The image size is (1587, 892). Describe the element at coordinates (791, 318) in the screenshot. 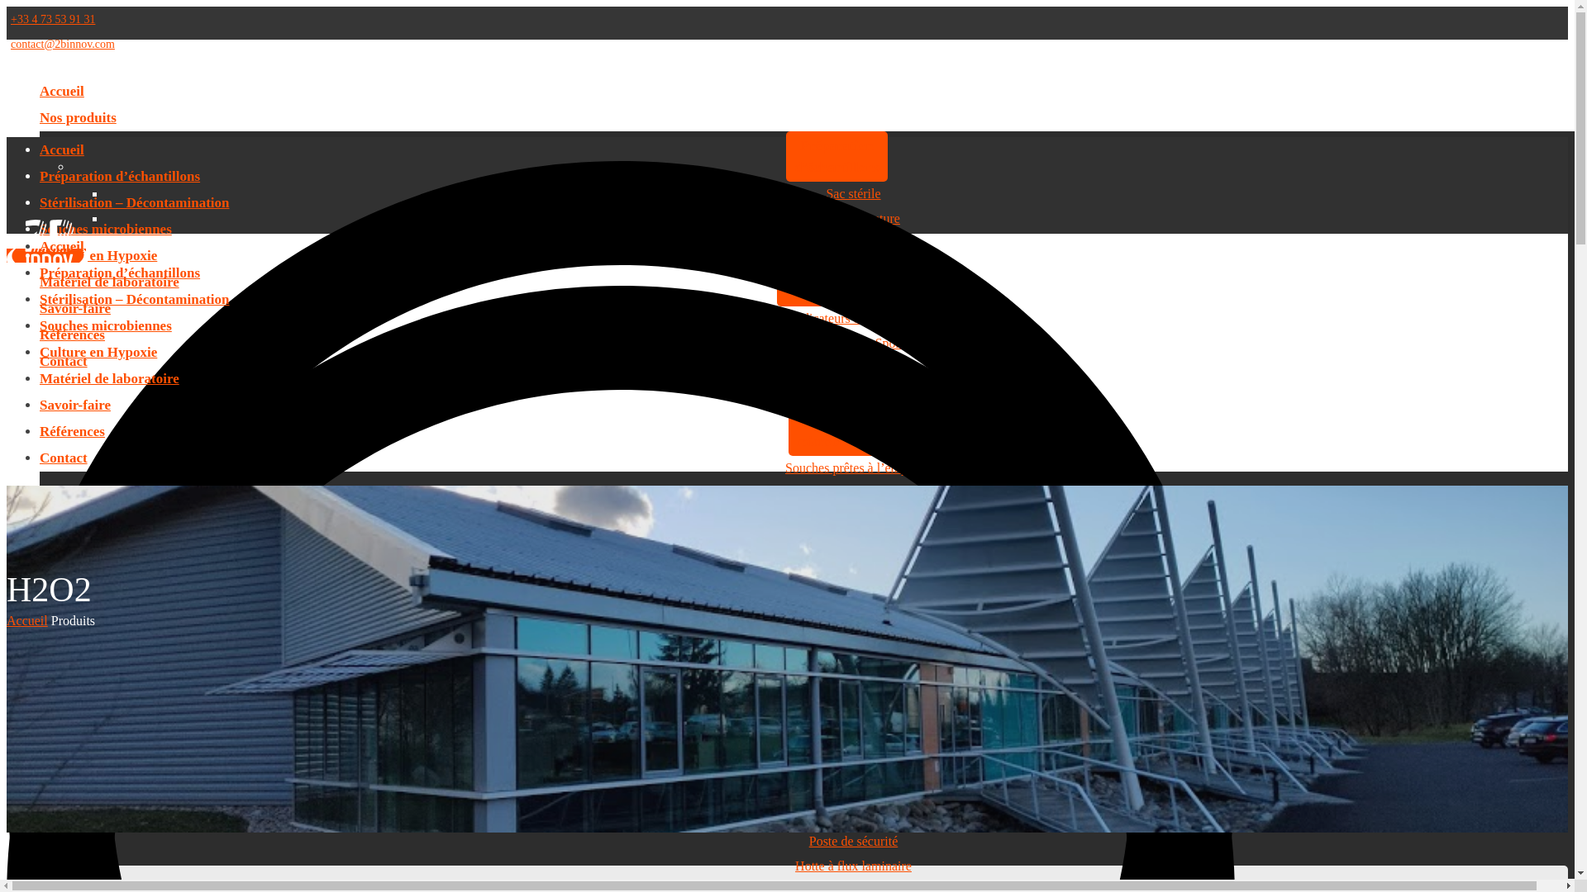

I see `'Indicateurs biologiques'` at that location.